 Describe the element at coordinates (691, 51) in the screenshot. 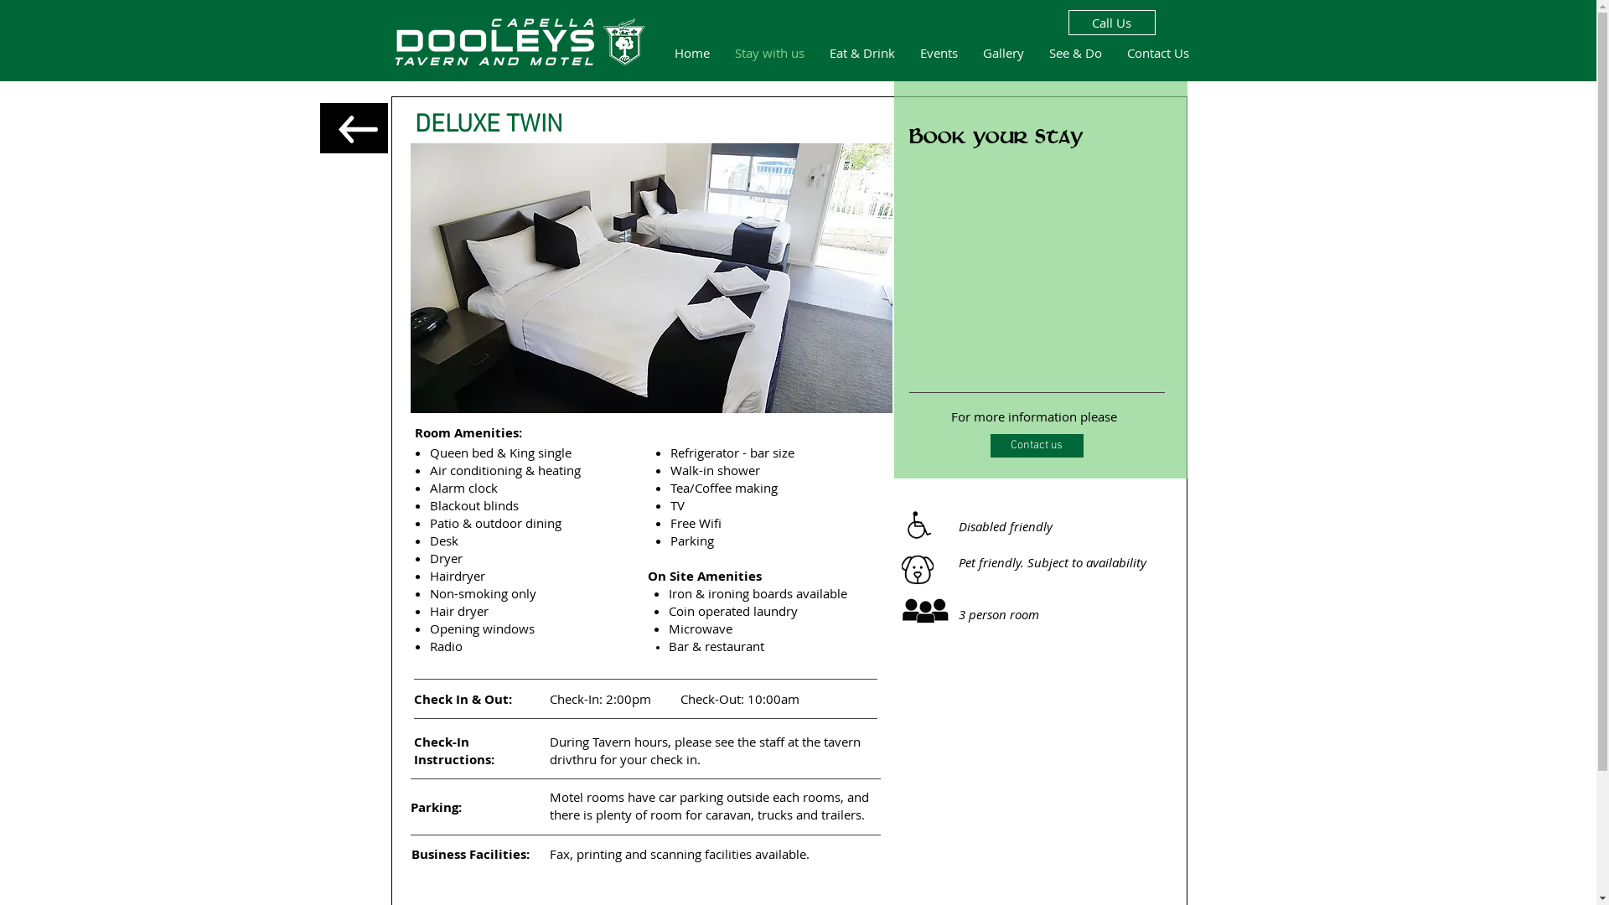

I see `'Home'` at that location.